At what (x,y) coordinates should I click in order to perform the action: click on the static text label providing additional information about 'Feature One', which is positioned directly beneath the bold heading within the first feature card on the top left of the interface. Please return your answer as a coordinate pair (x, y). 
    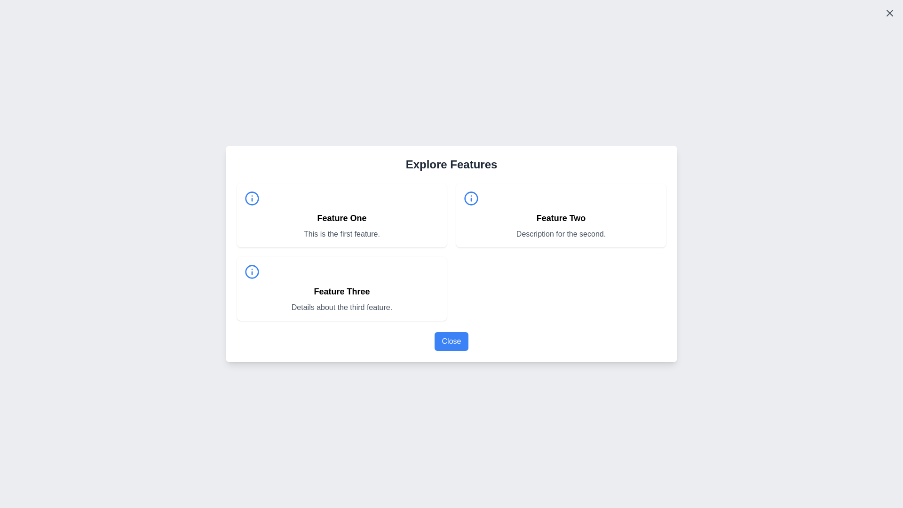
    Looking at the image, I should click on (341, 233).